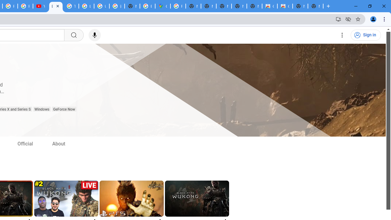  I want to click on 'Tips & tricks for Chrome - Google Chrome Help', so click(71, 6).